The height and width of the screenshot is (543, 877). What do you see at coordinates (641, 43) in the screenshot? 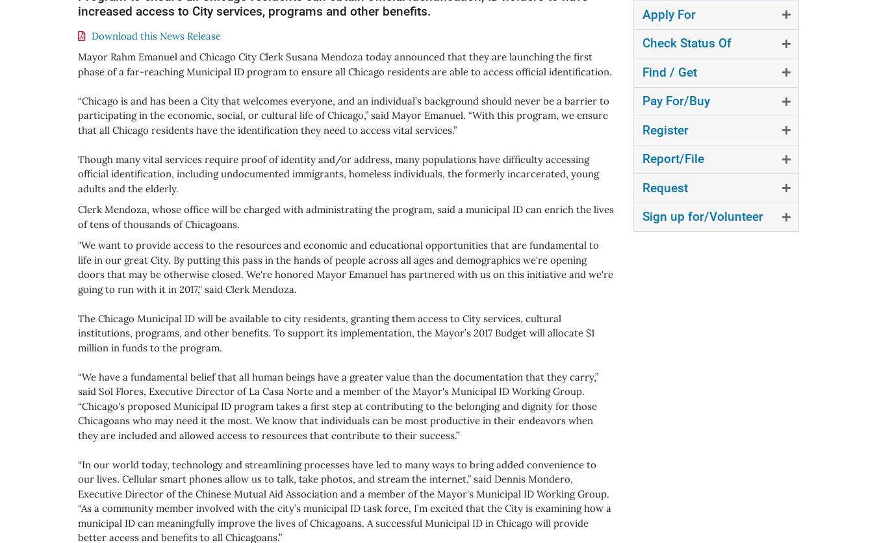
I see `'Check Status Of'` at bounding box center [641, 43].